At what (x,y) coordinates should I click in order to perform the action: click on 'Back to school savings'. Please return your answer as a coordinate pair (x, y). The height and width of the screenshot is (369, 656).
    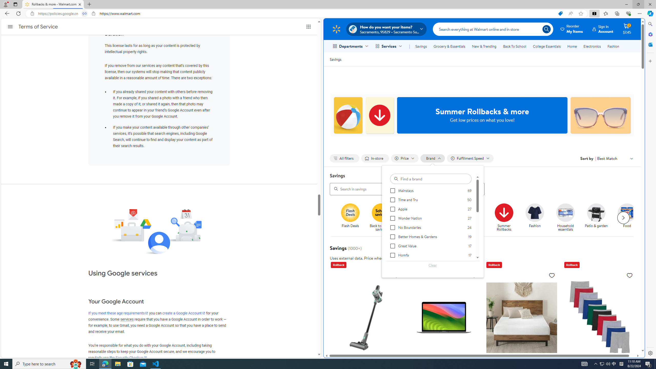
    Looking at the image, I should click on (383, 218).